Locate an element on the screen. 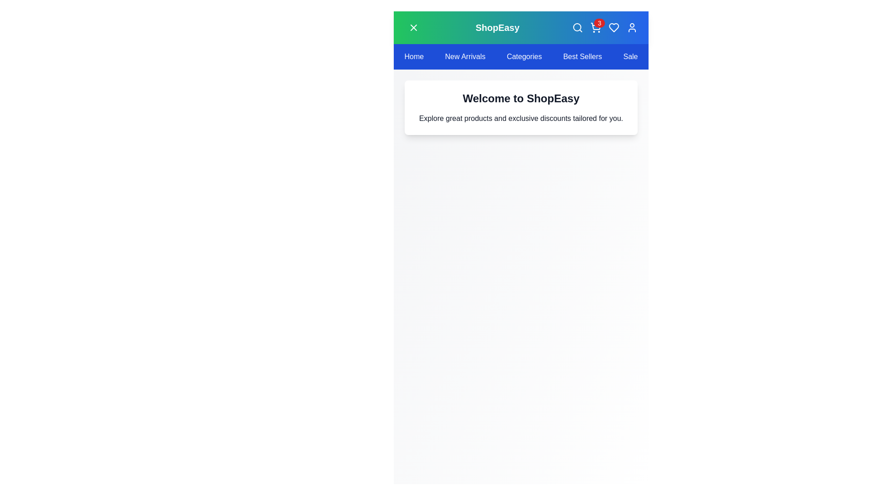 The image size is (872, 491). the navbar item labeled 'Home' to navigate to the corresponding section is located at coordinates (413, 56).